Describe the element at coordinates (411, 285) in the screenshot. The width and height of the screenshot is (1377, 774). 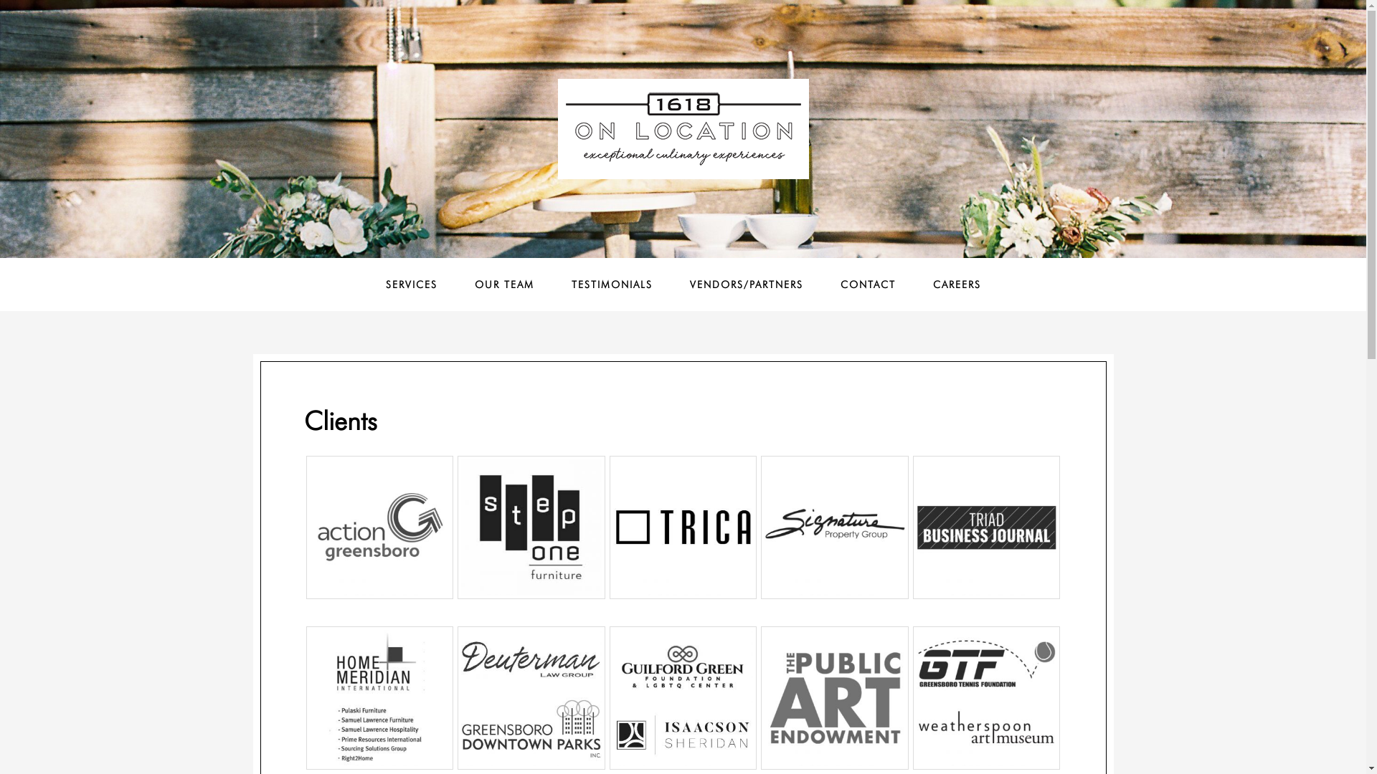
I see `'SERVICES'` at that location.